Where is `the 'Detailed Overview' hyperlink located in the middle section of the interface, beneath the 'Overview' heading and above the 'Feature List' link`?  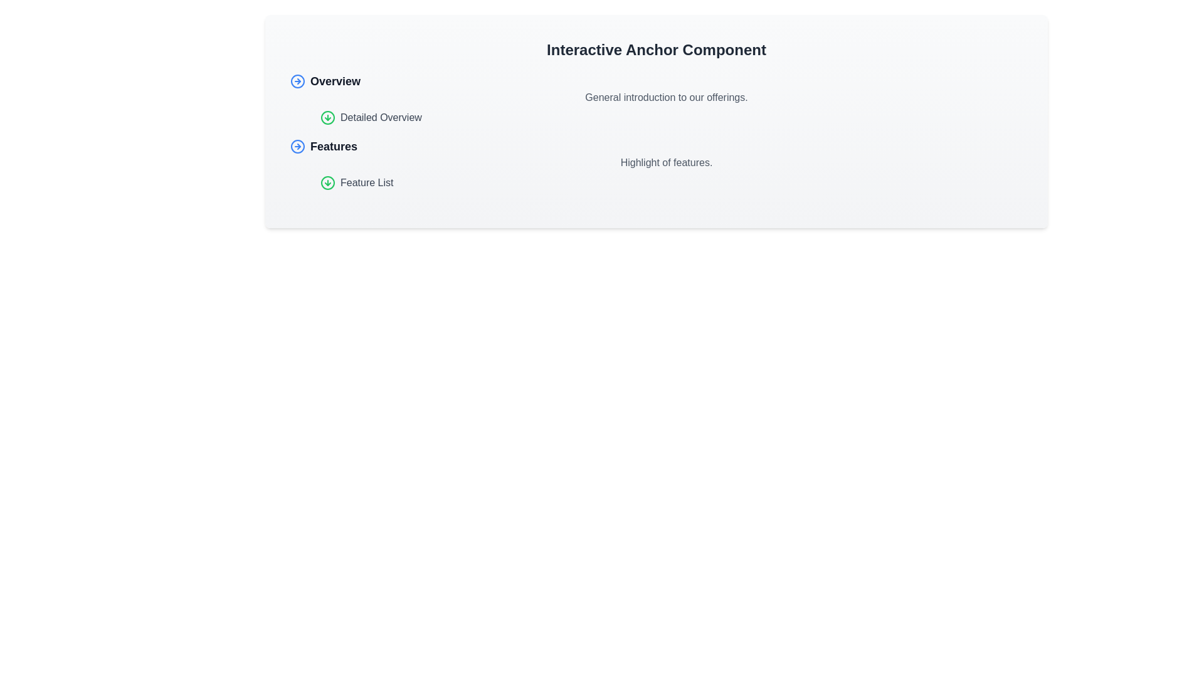 the 'Detailed Overview' hyperlink located in the middle section of the interface, beneath the 'Overview' heading and above the 'Feature List' link is located at coordinates (380, 118).